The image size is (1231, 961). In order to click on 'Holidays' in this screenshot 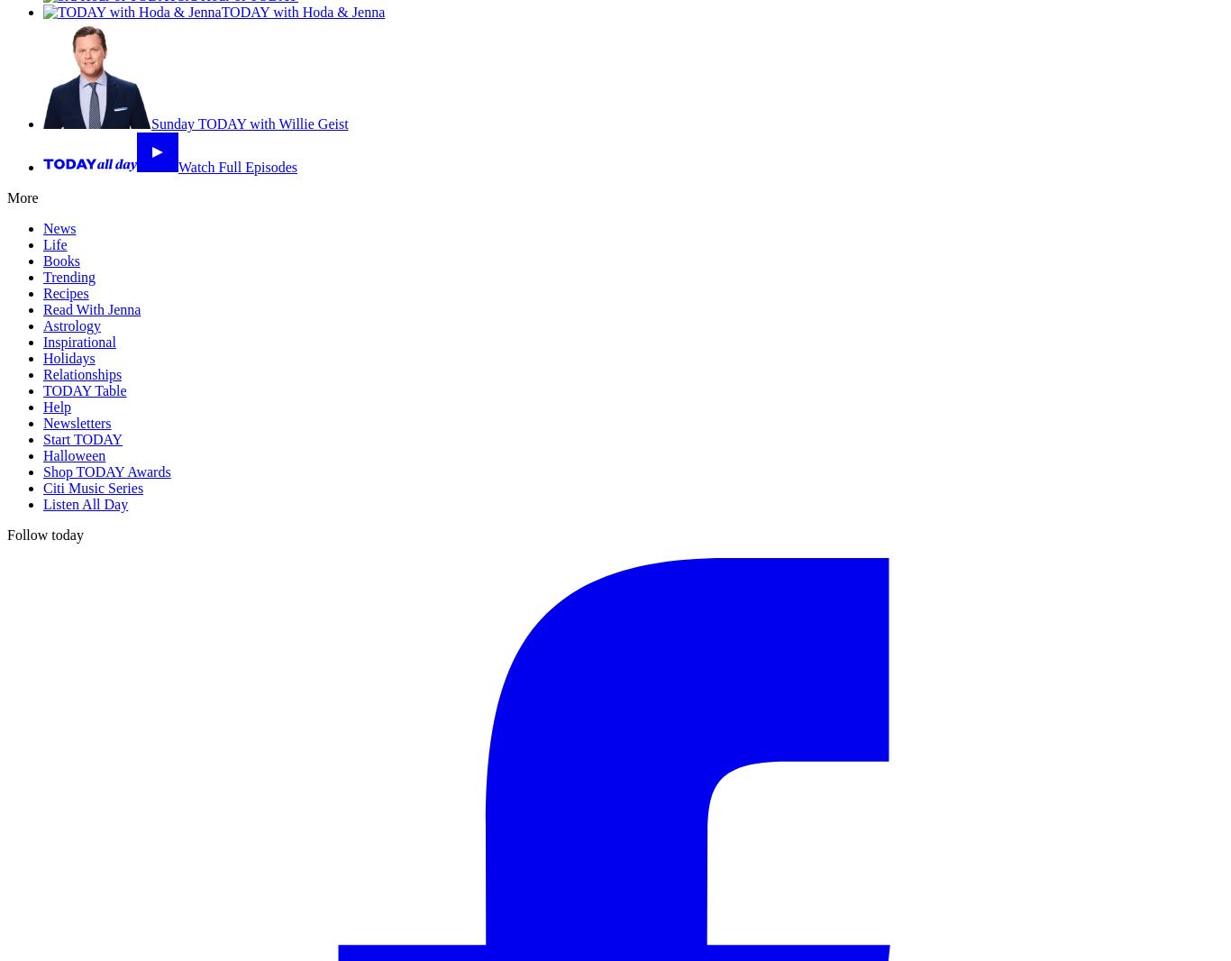, I will do `click(68, 358)`.